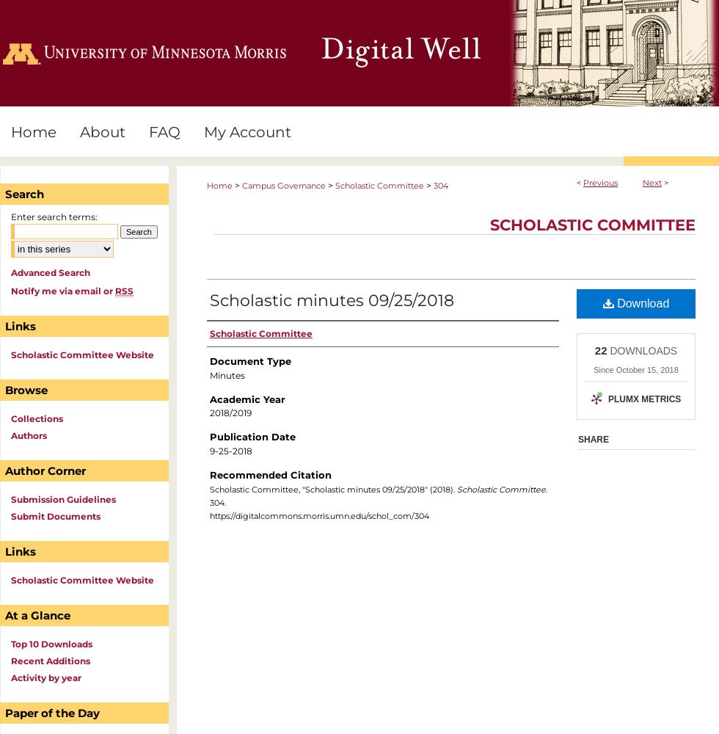  Describe the element at coordinates (635, 370) in the screenshot. I see `'Since October 15, 2018'` at that location.